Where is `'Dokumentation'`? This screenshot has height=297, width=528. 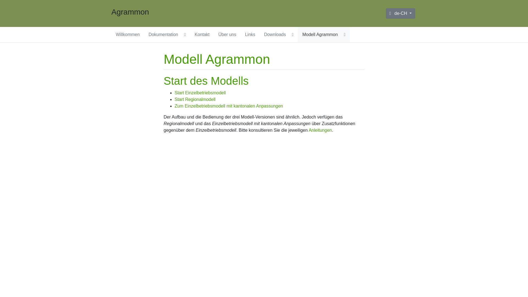
'Dokumentation' is located at coordinates (163, 35).